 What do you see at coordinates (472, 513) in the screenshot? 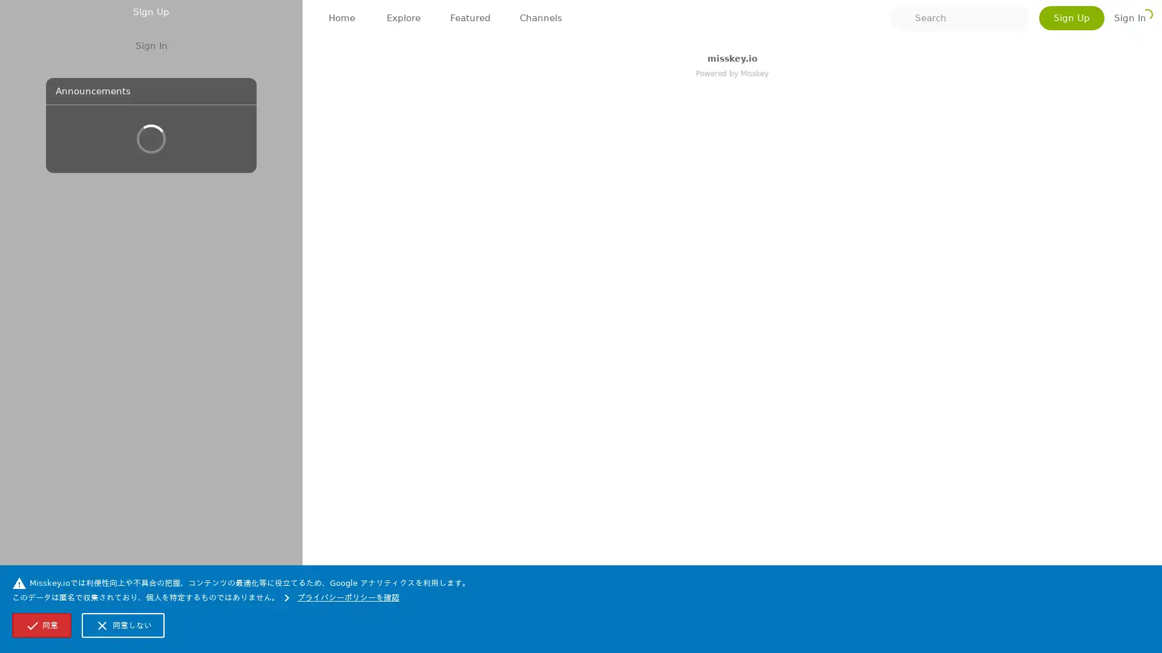
I see `+` at bounding box center [472, 513].